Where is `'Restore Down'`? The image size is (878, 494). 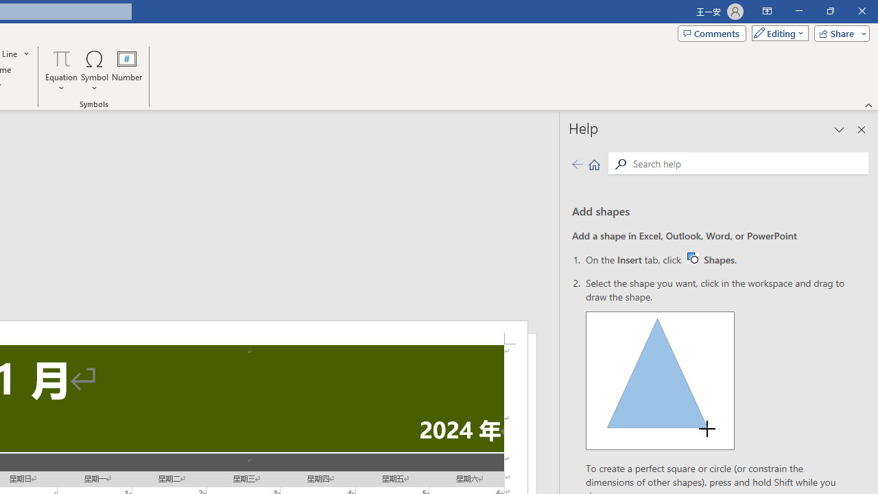 'Restore Down' is located at coordinates (829, 11).